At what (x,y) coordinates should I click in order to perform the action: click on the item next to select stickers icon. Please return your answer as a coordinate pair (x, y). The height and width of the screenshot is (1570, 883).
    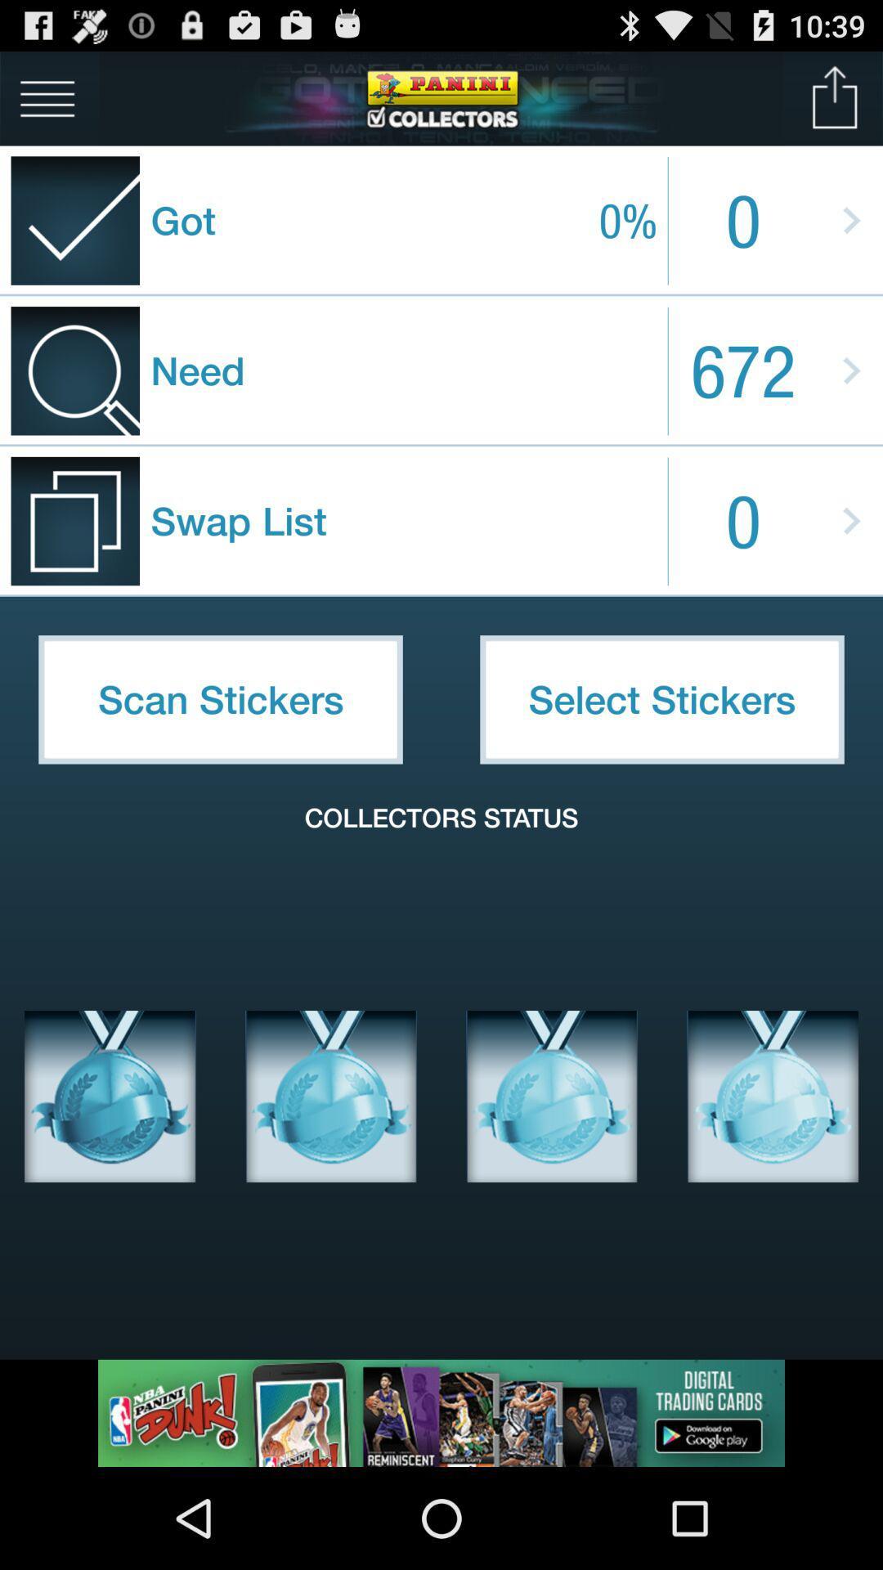
    Looking at the image, I should click on (221, 699).